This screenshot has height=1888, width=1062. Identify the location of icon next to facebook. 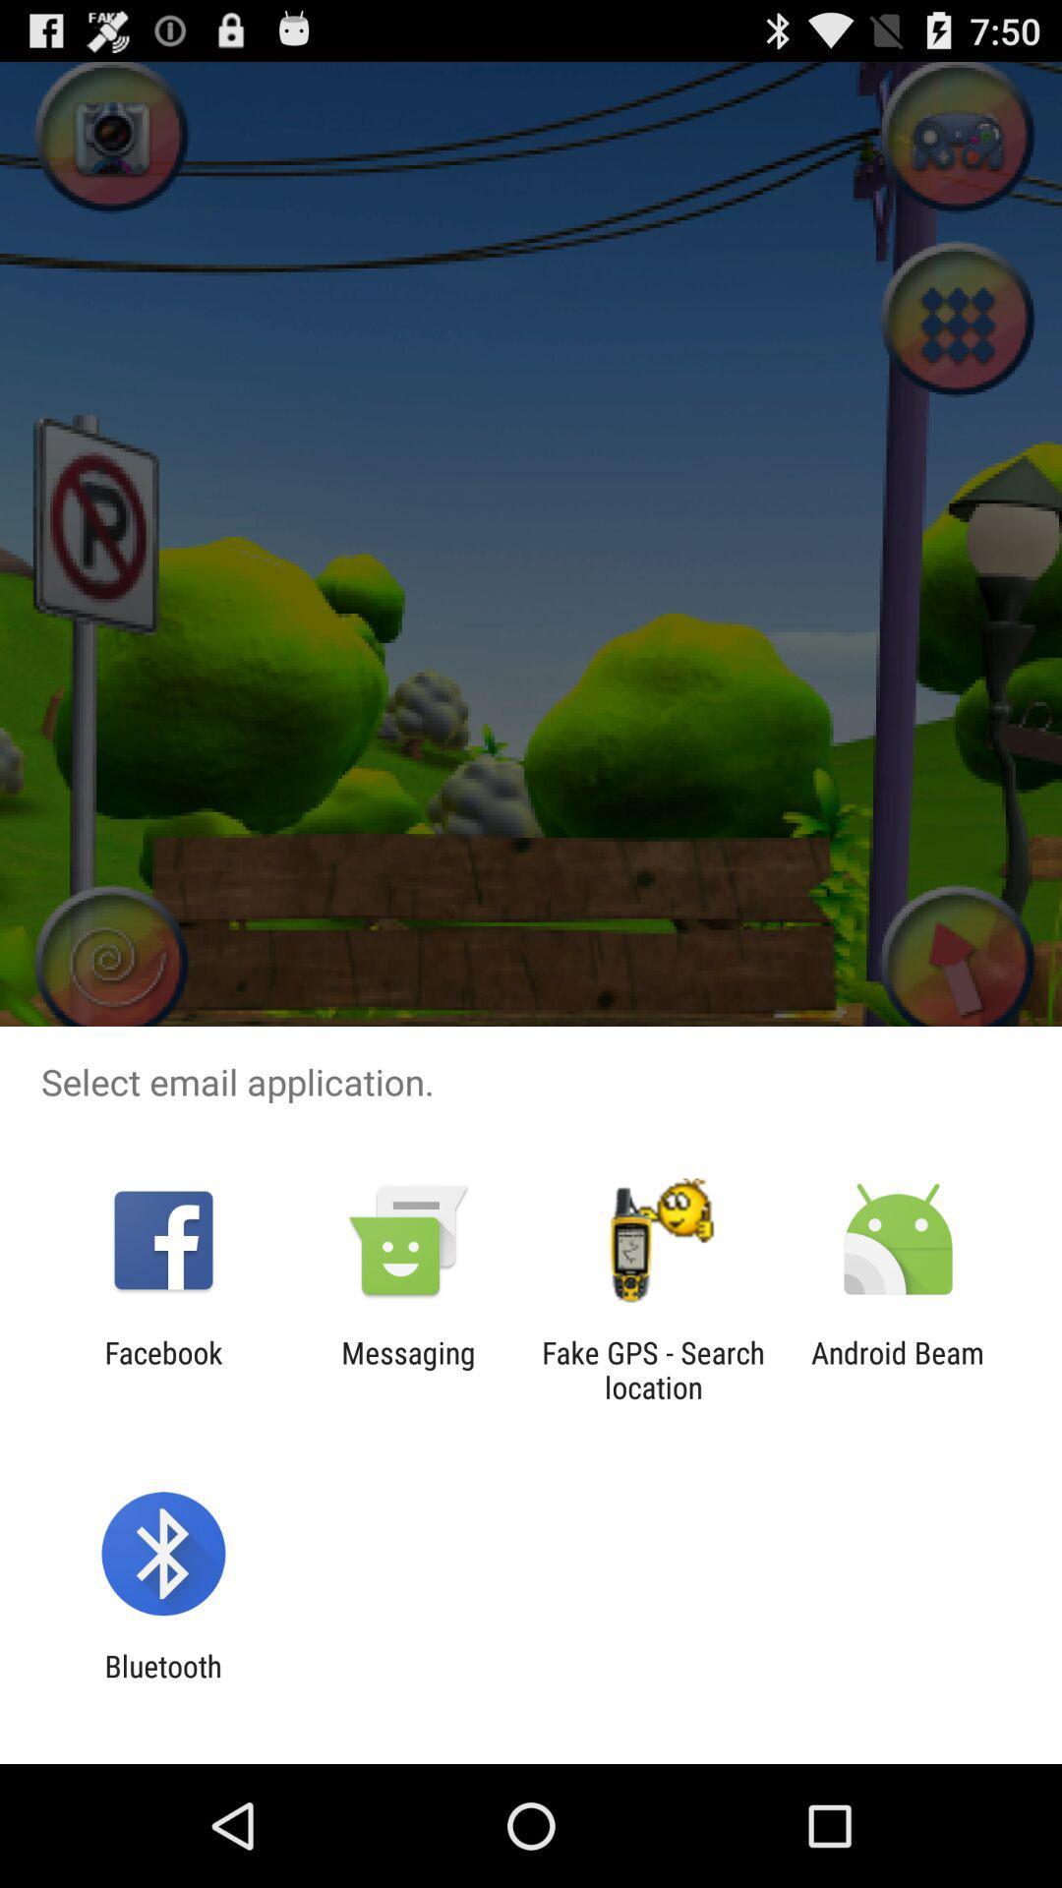
(407, 1369).